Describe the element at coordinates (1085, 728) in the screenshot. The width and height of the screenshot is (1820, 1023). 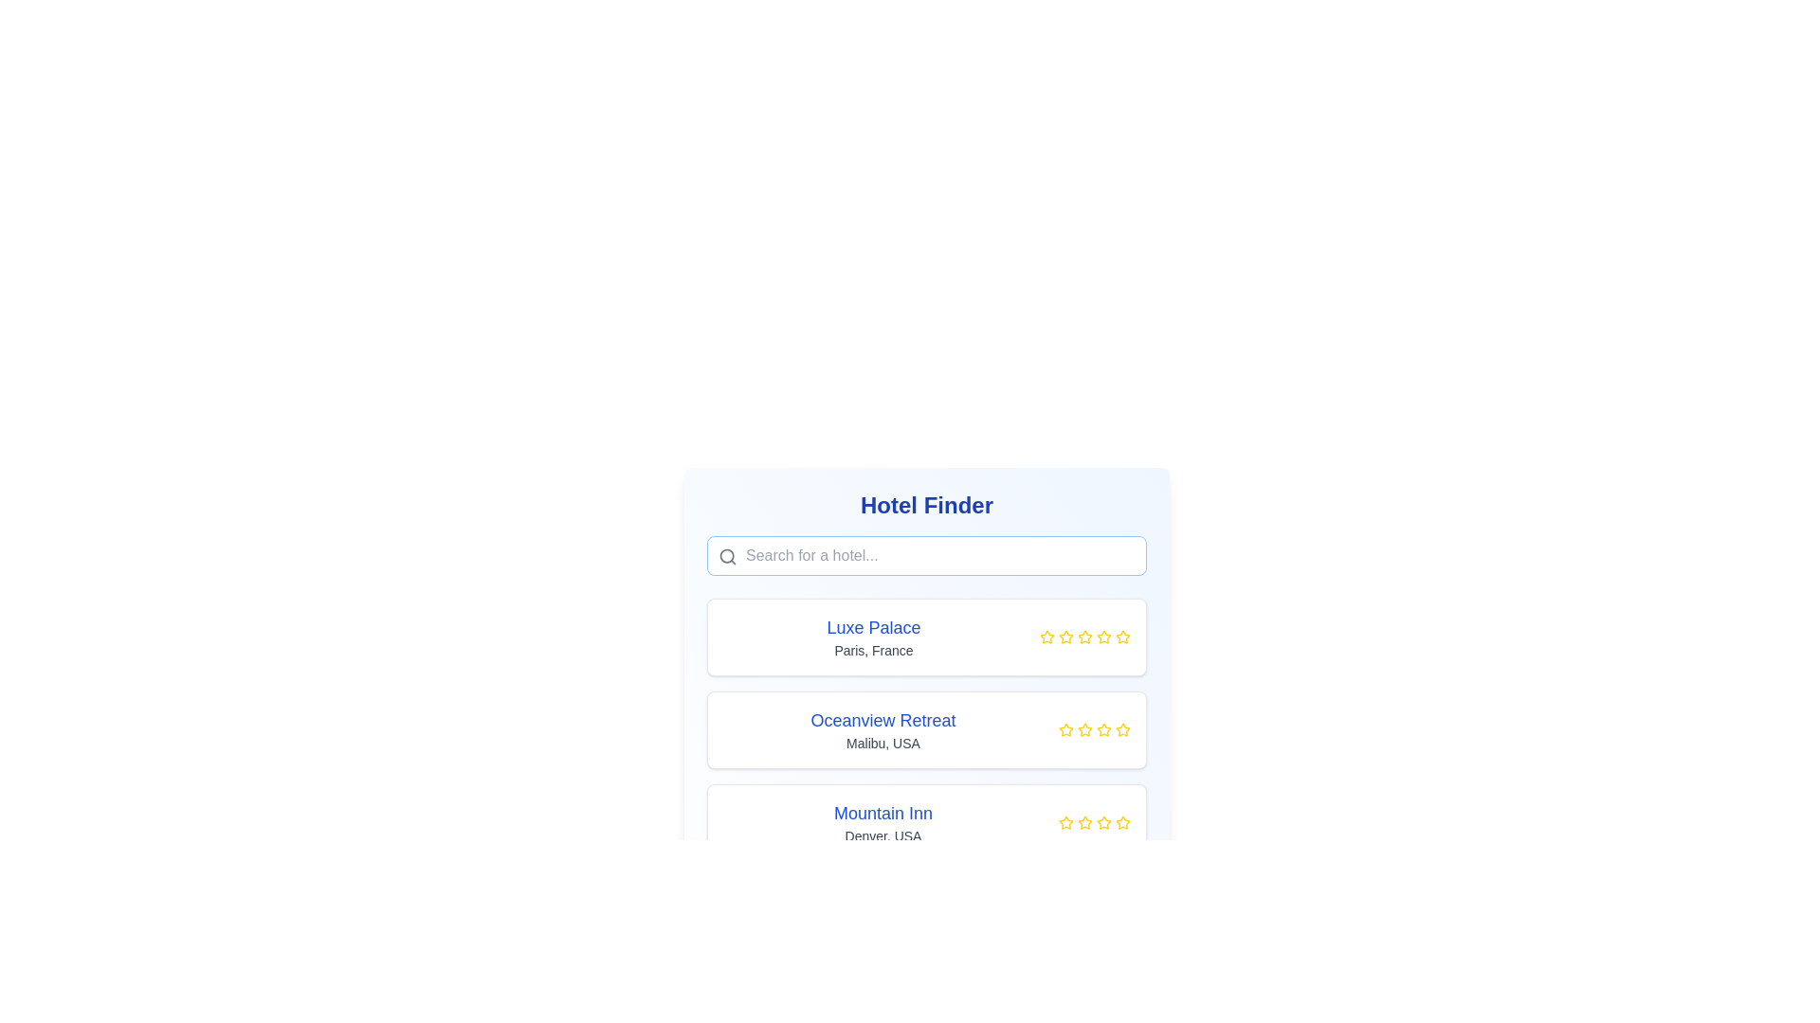
I see `the second star in the Star Rating Icon for the 'Oceanview Retreat' entry` at that location.